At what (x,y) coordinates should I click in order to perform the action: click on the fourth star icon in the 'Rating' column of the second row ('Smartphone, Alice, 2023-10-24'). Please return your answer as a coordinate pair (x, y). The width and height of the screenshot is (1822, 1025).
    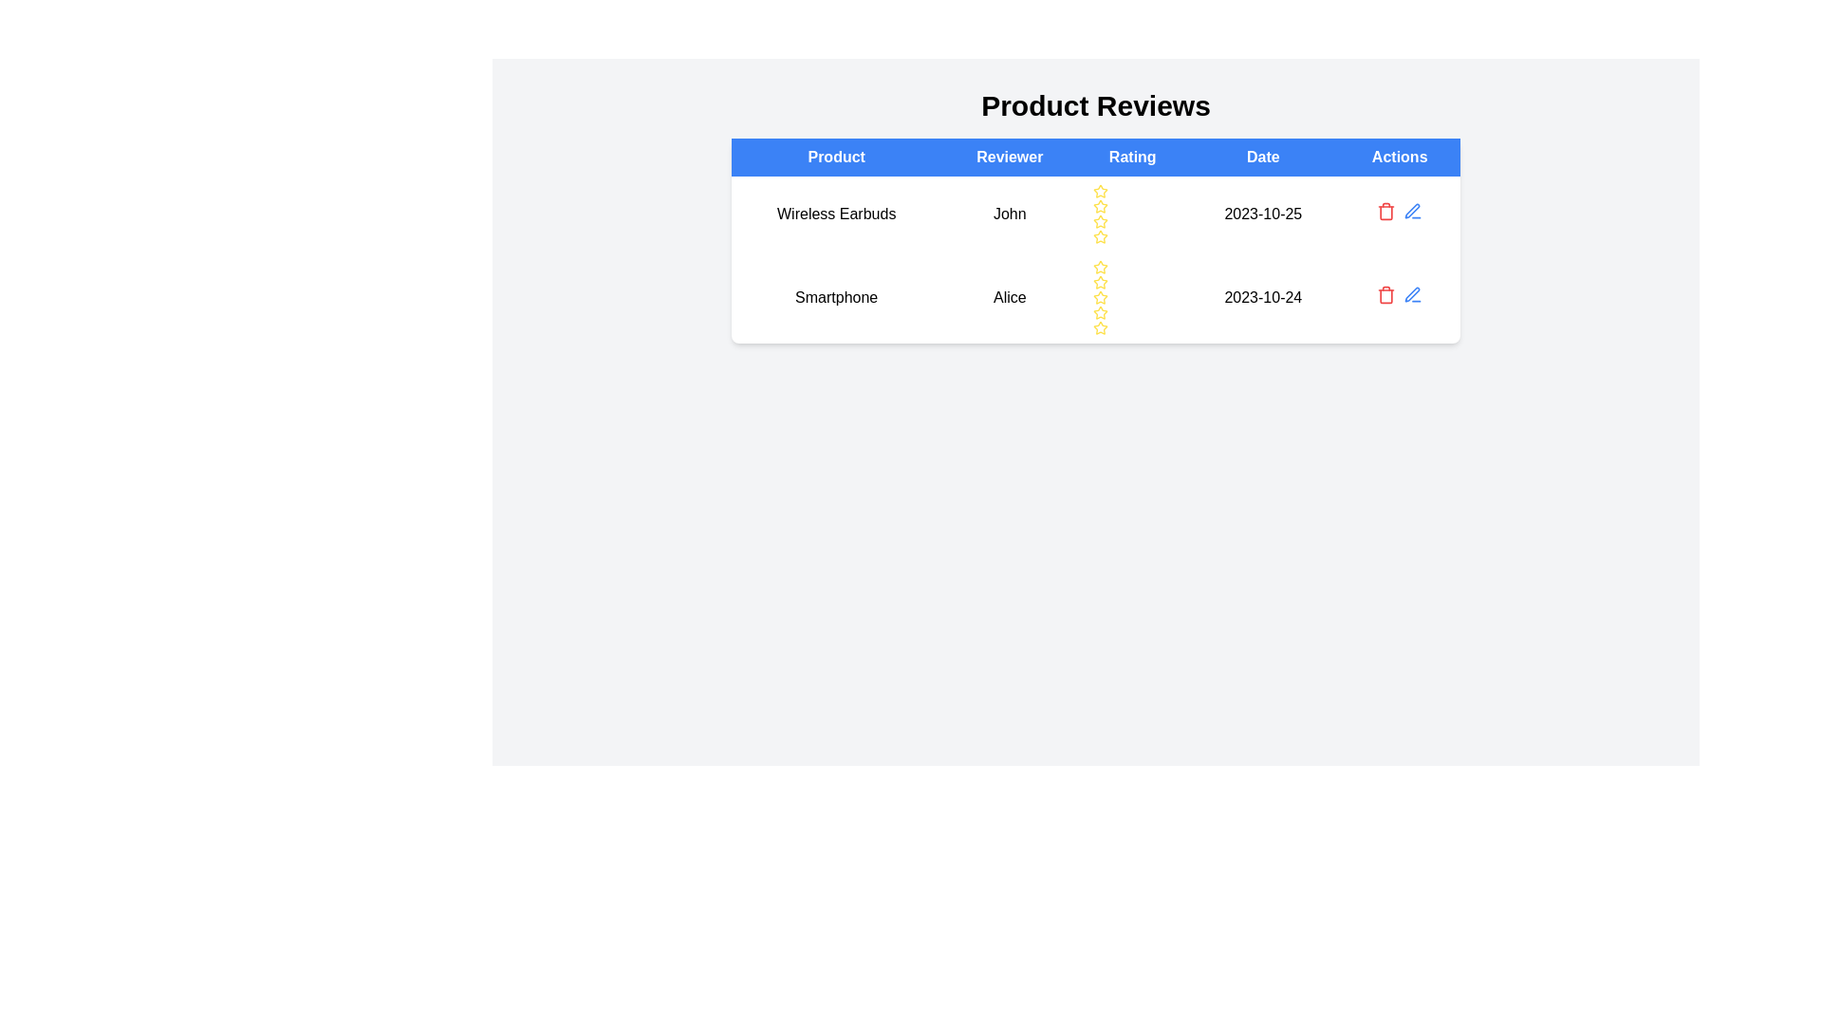
    Looking at the image, I should click on (1101, 267).